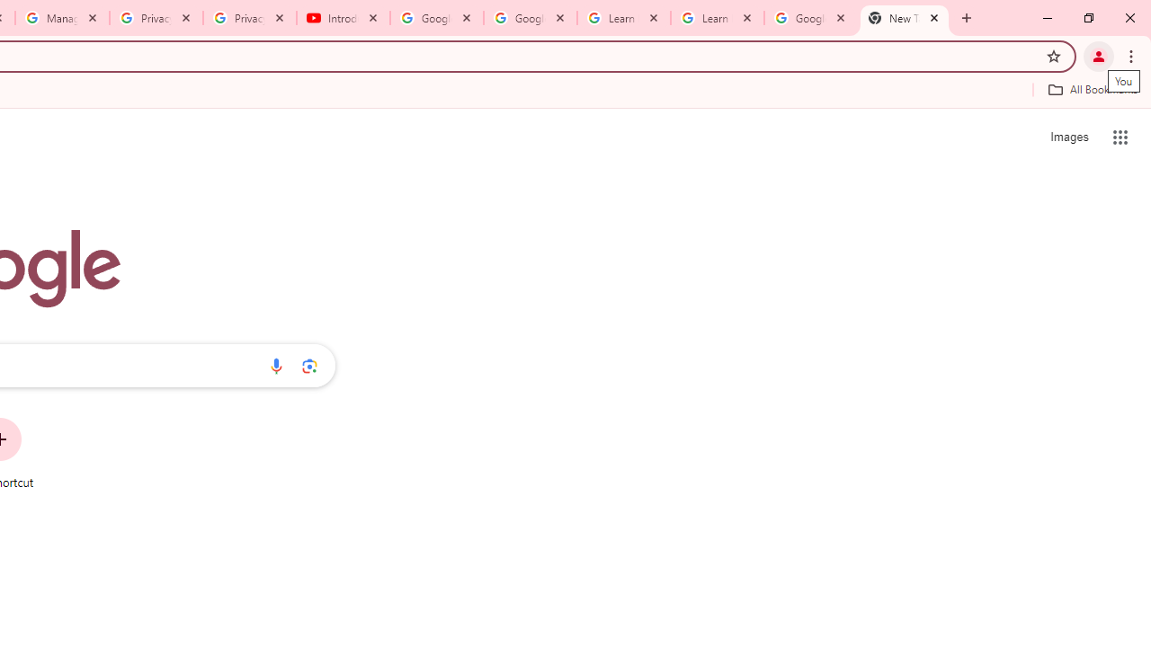  Describe the element at coordinates (905, 18) in the screenshot. I see `'New Tab'` at that location.